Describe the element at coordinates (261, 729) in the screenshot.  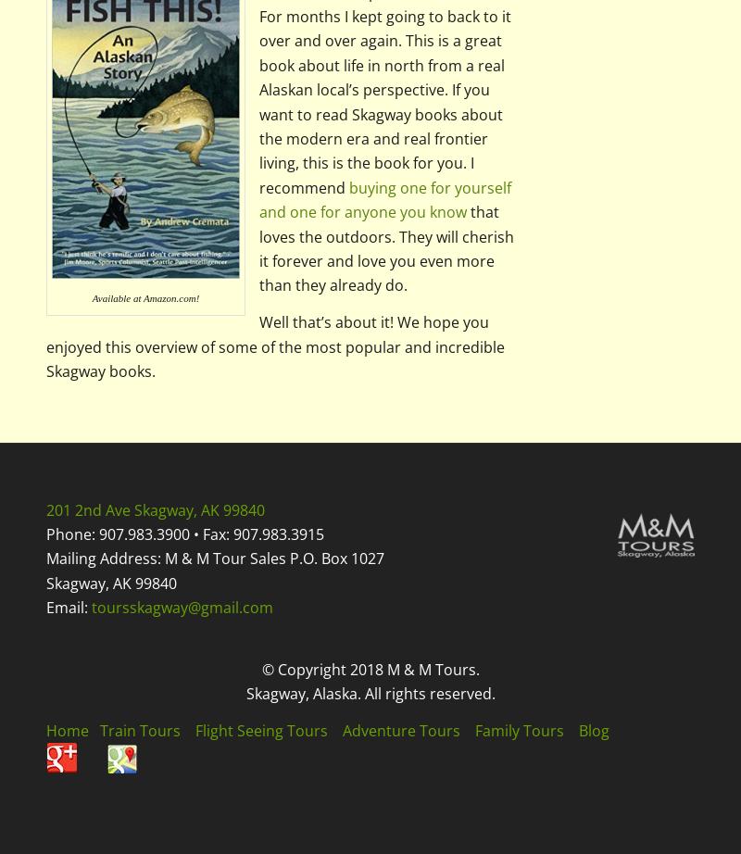
I see `'Flight Seeing Tours'` at that location.